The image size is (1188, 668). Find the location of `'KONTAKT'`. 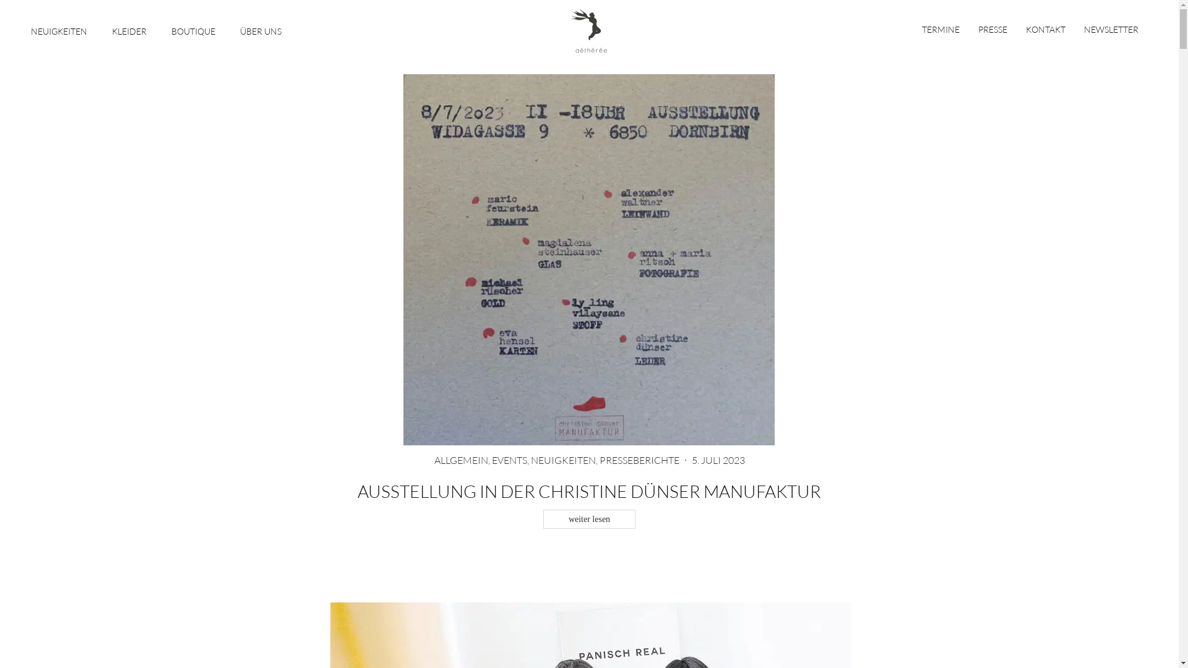

'KONTAKT' is located at coordinates (1044, 28).